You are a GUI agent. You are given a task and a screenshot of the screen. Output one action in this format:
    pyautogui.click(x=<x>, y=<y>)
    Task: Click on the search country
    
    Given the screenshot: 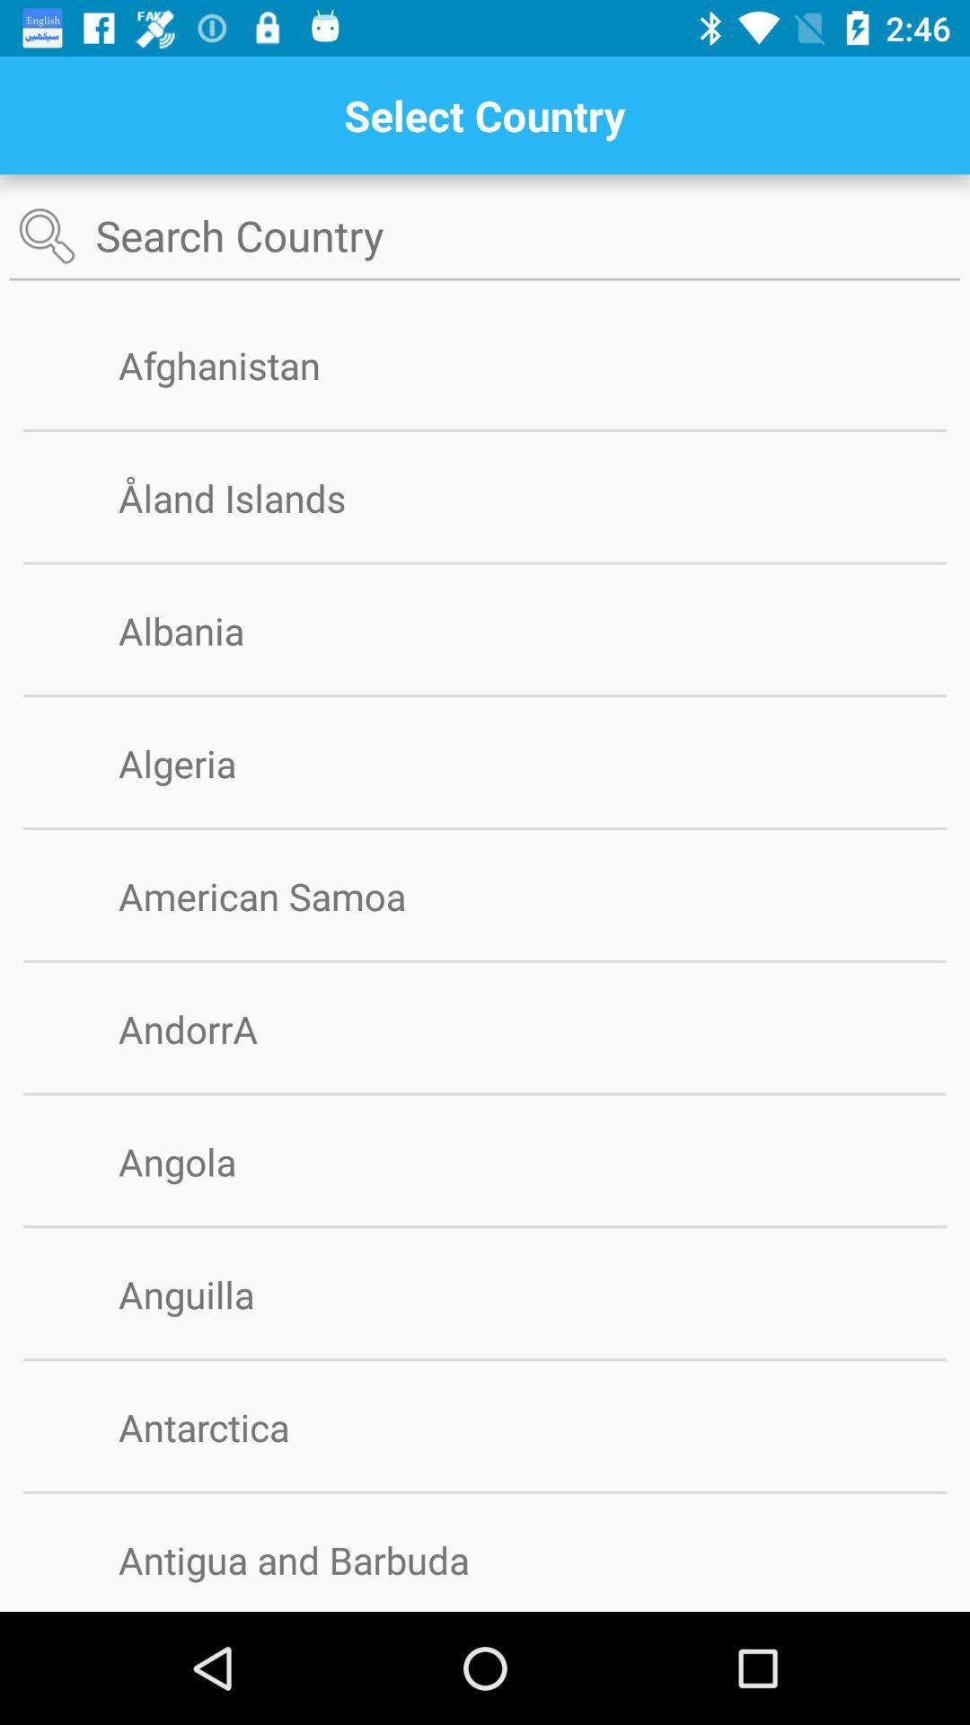 What is the action you would take?
    pyautogui.click(x=485, y=235)
    